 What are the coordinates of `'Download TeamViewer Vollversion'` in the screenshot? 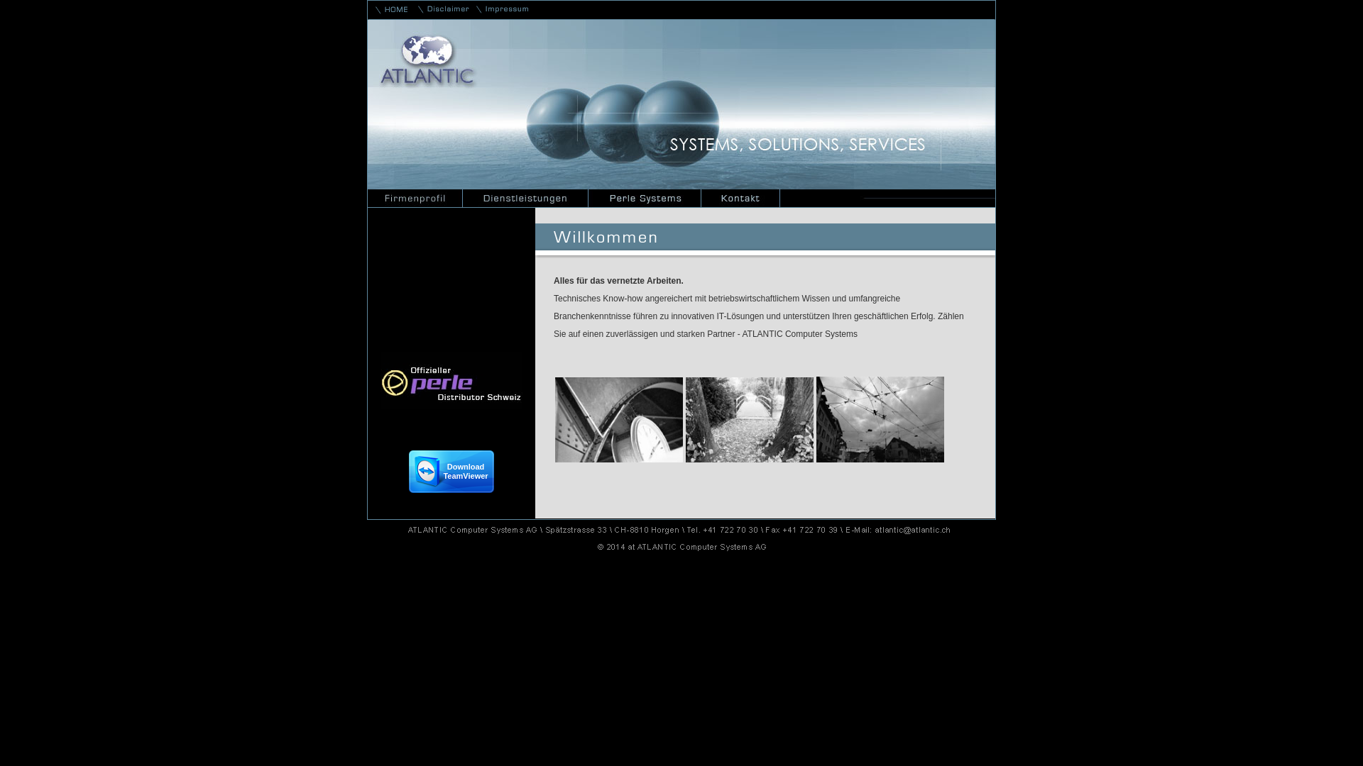 It's located at (450, 471).